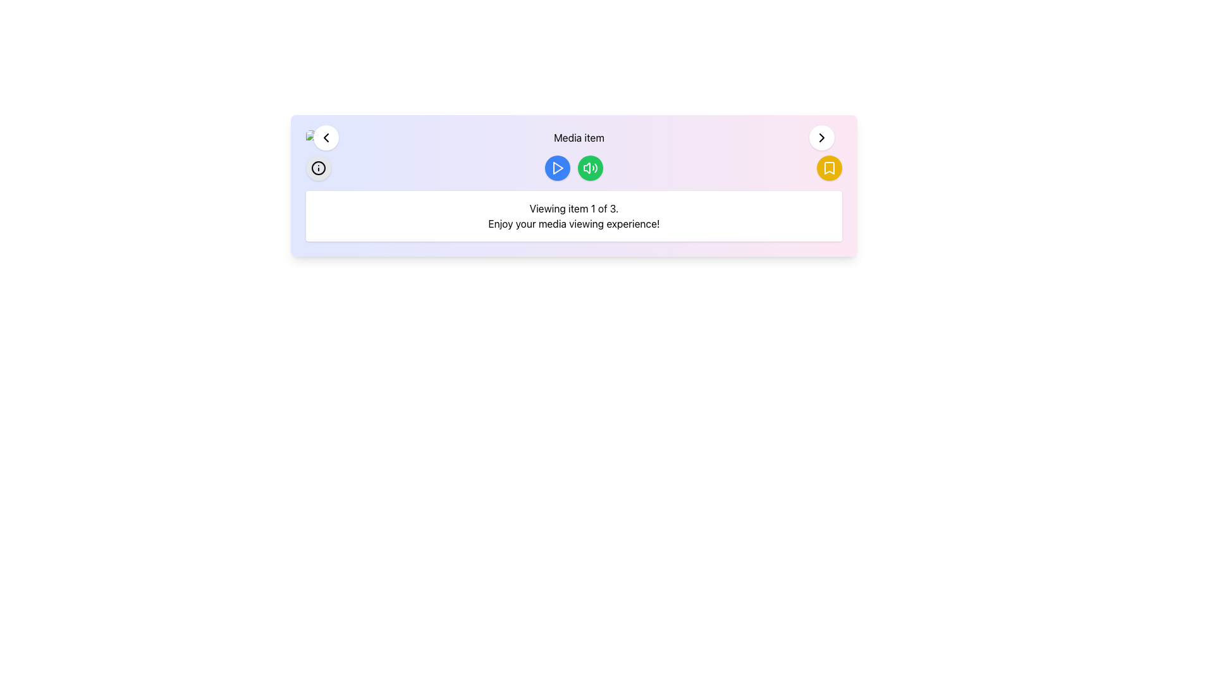 This screenshot has width=1214, height=683. Describe the element at coordinates (326, 138) in the screenshot. I see `the navigation icon button located on the left side of the control section near the top of the page` at that location.